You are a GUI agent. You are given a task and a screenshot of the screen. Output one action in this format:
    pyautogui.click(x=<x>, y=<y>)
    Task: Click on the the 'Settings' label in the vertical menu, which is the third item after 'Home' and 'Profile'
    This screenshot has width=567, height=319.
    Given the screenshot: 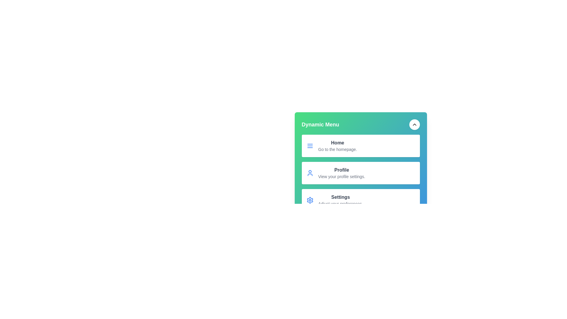 What is the action you would take?
    pyautogui.click(x=340, y=197)
    